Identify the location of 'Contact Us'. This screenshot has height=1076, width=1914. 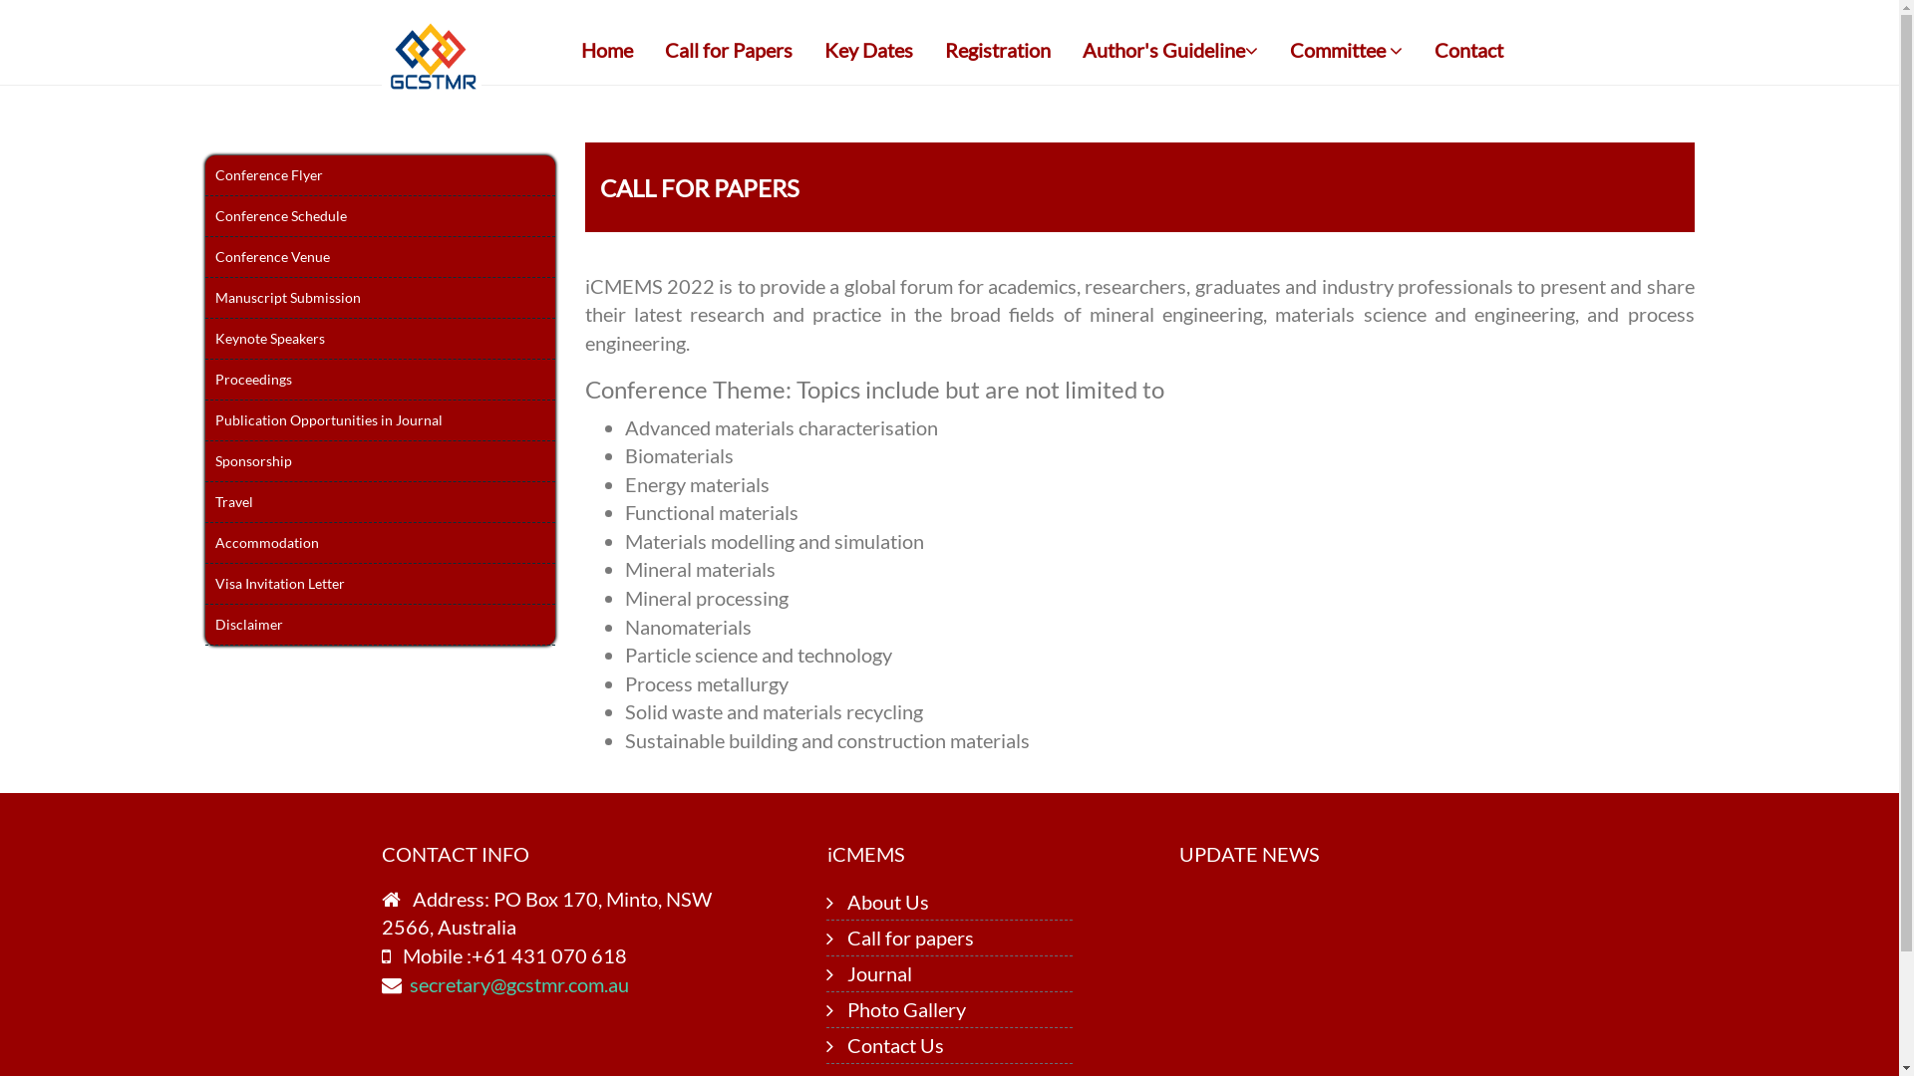
(894, 1044).